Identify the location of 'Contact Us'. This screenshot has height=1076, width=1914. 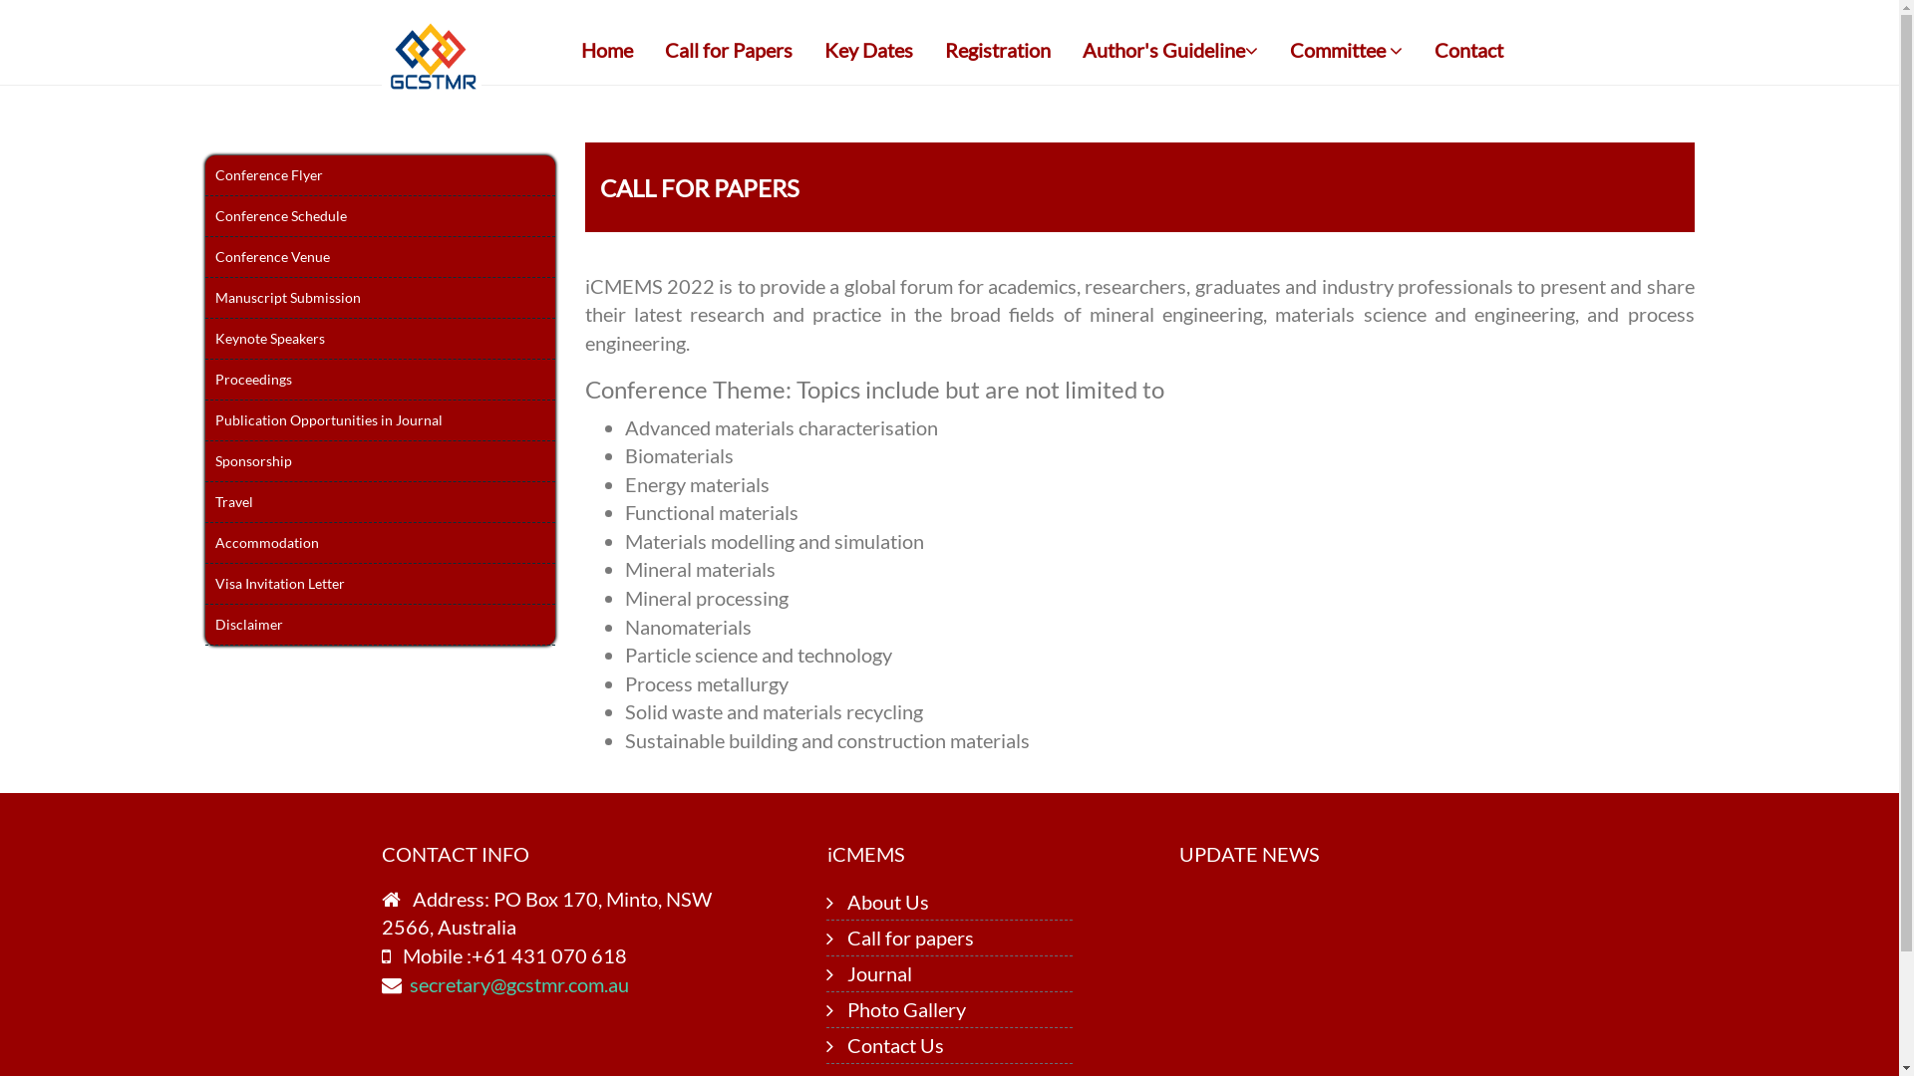
(894, 1044).